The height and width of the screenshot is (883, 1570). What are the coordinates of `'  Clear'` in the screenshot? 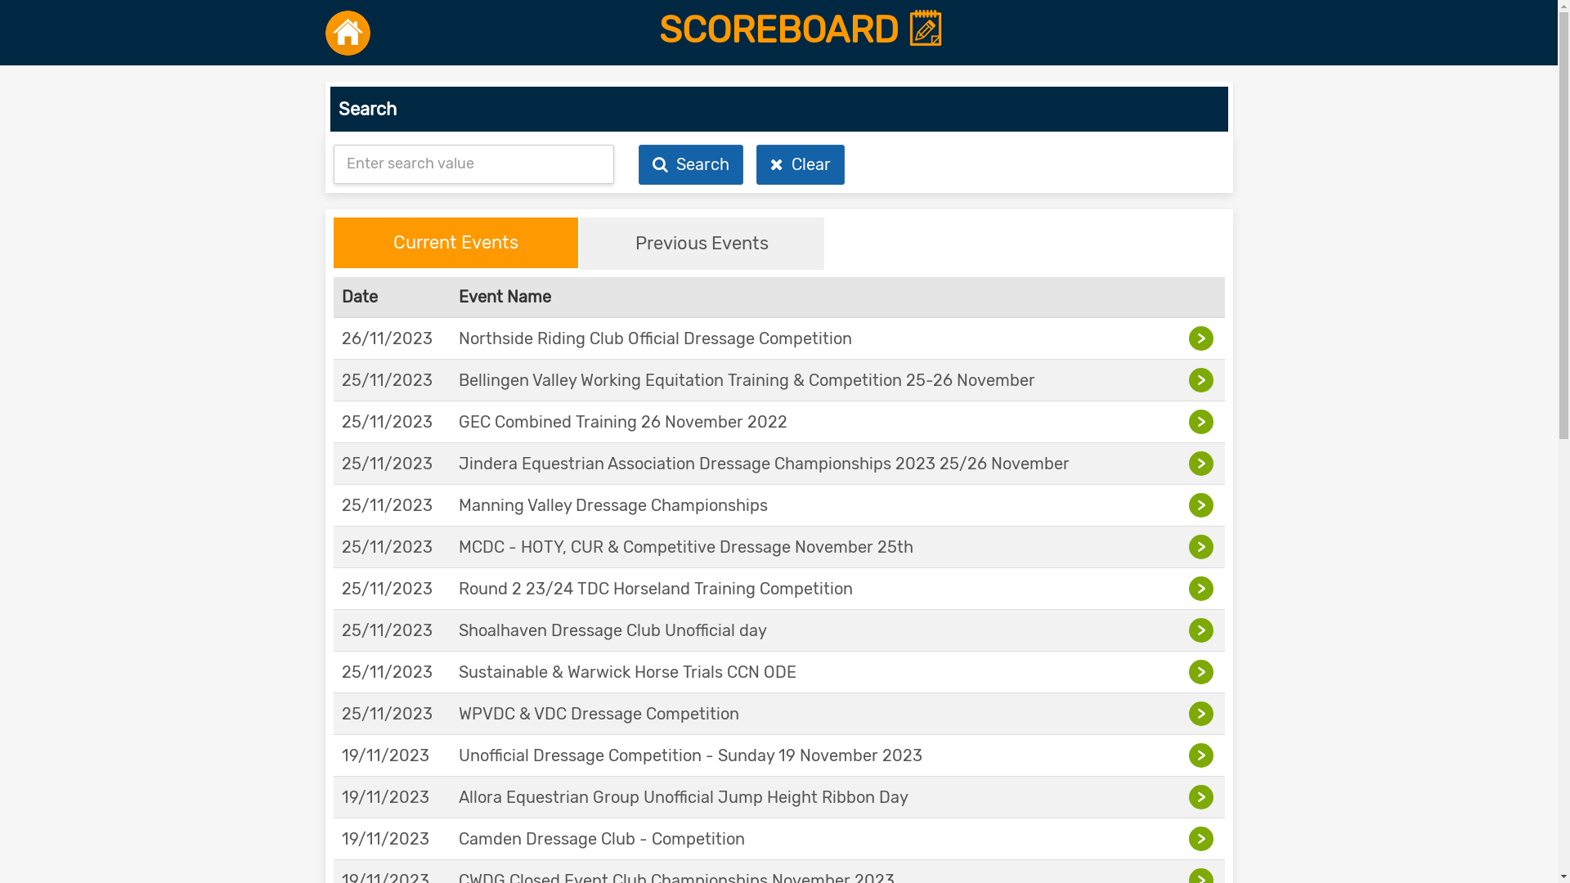 It's located at (801, 164).